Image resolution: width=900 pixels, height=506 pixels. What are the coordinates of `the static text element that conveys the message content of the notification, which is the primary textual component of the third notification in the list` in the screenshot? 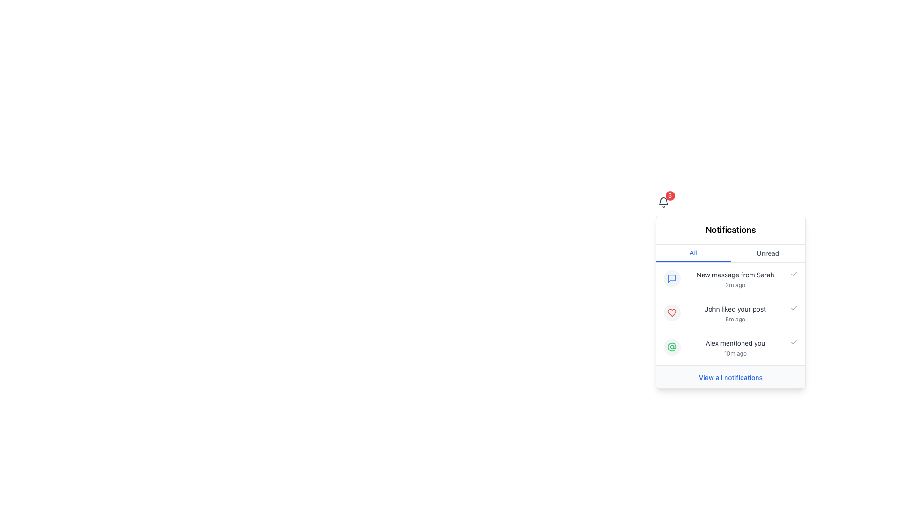 It's located at (735, 343).